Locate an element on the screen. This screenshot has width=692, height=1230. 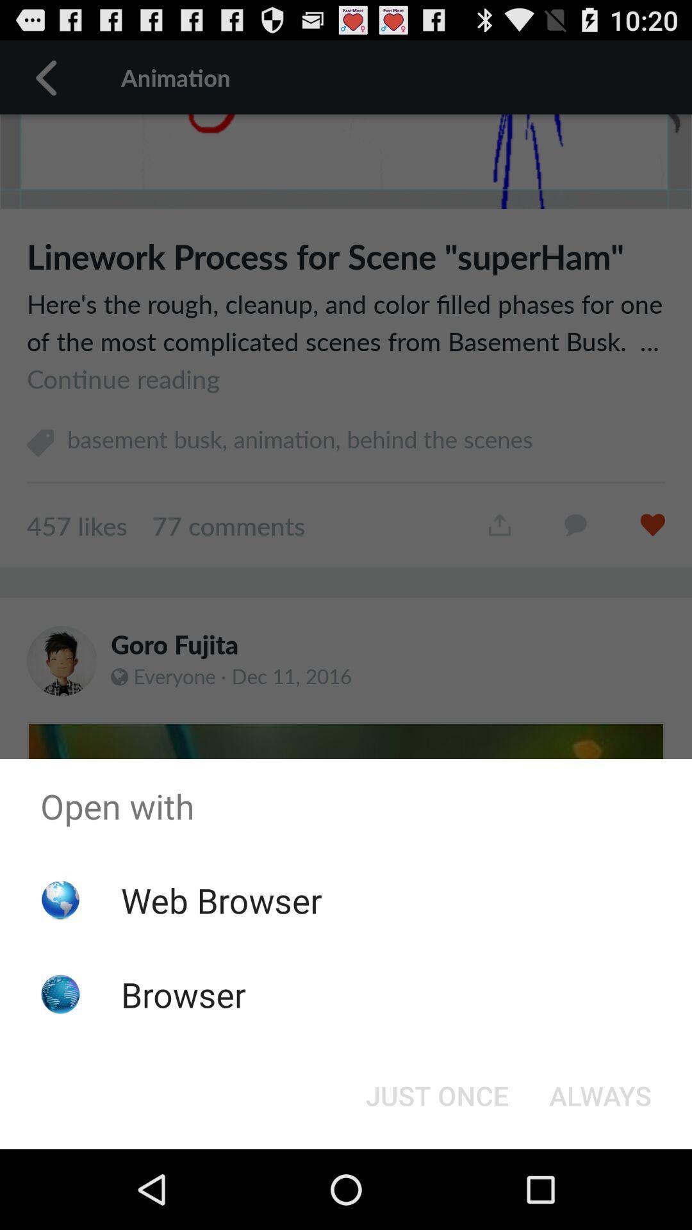
web browser is located at coordinates (220, 899).